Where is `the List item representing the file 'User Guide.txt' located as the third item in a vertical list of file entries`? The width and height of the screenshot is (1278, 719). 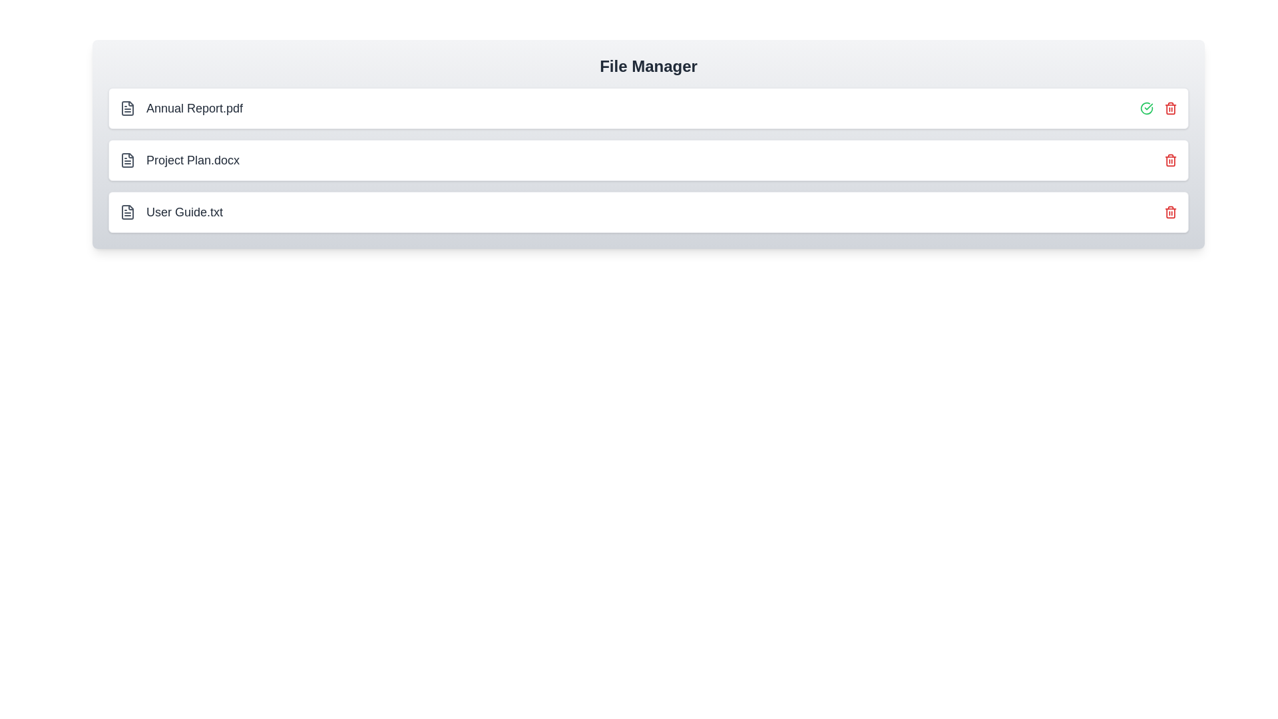 the List item representing the file 'User Guide.txt' located as the third item in a vertical list of file entries is located at coordinates (170, 212).